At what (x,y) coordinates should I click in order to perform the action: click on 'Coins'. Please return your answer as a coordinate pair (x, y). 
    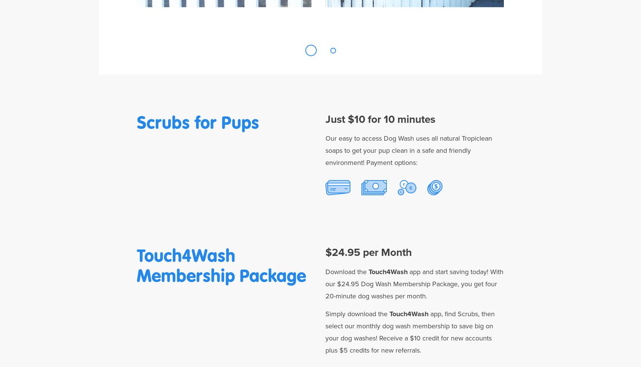
    Looking at the image, I should click on (407, 213).